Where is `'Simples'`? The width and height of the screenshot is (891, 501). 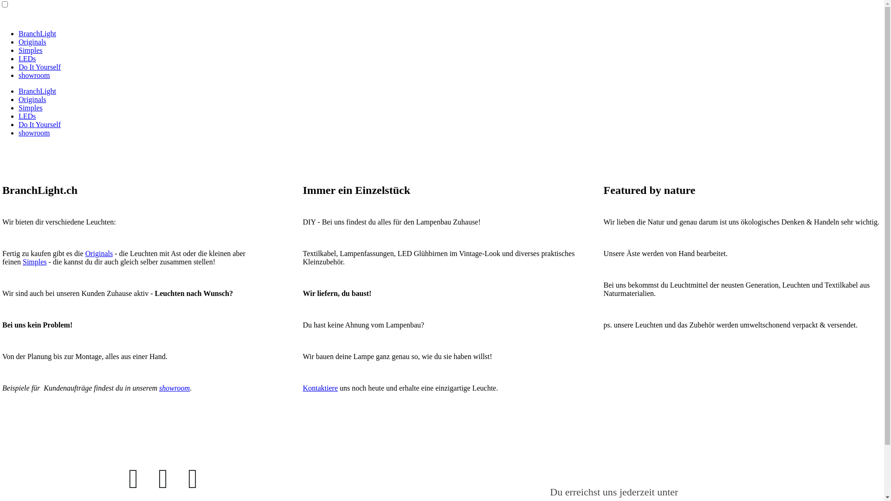 'Simples' is located at coordinates (22, 262).